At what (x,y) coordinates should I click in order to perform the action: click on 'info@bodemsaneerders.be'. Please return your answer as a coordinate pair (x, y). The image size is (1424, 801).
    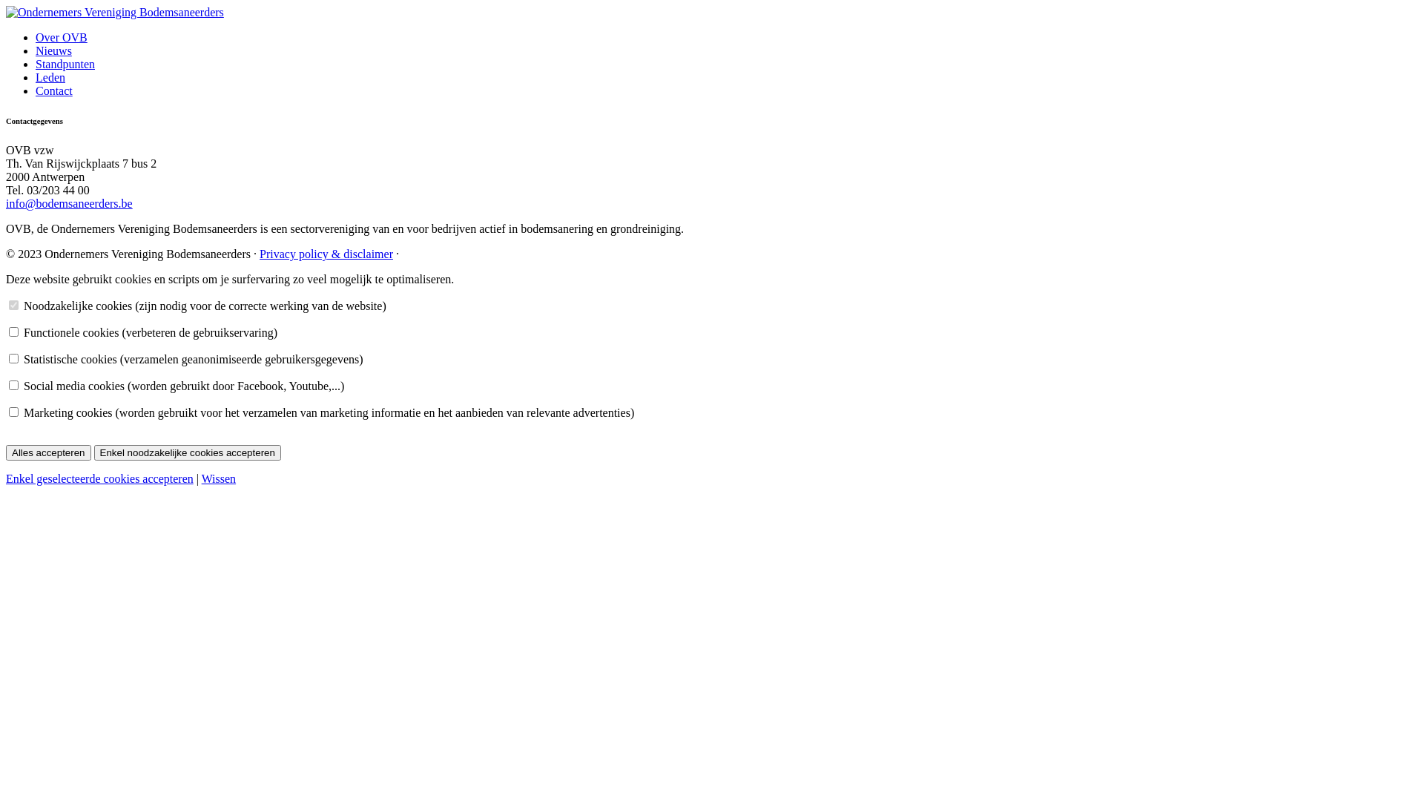
    Looking at the image, I should click on (68, 203).